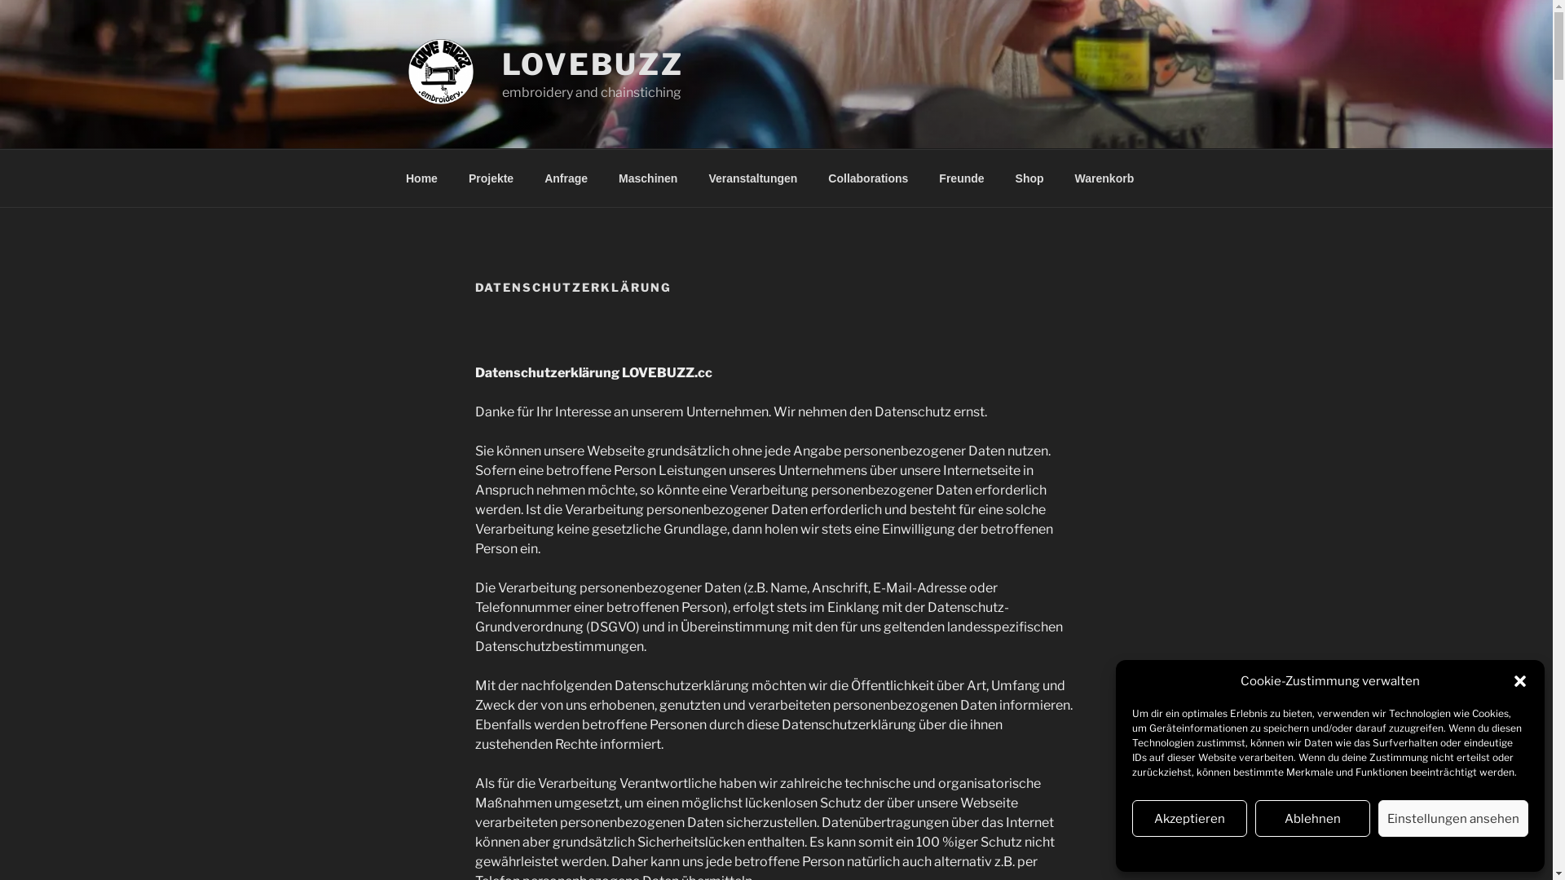 The height and width of the screenshot is (880, 1565). I want to click on 'Impressum', so click(1389, 851).